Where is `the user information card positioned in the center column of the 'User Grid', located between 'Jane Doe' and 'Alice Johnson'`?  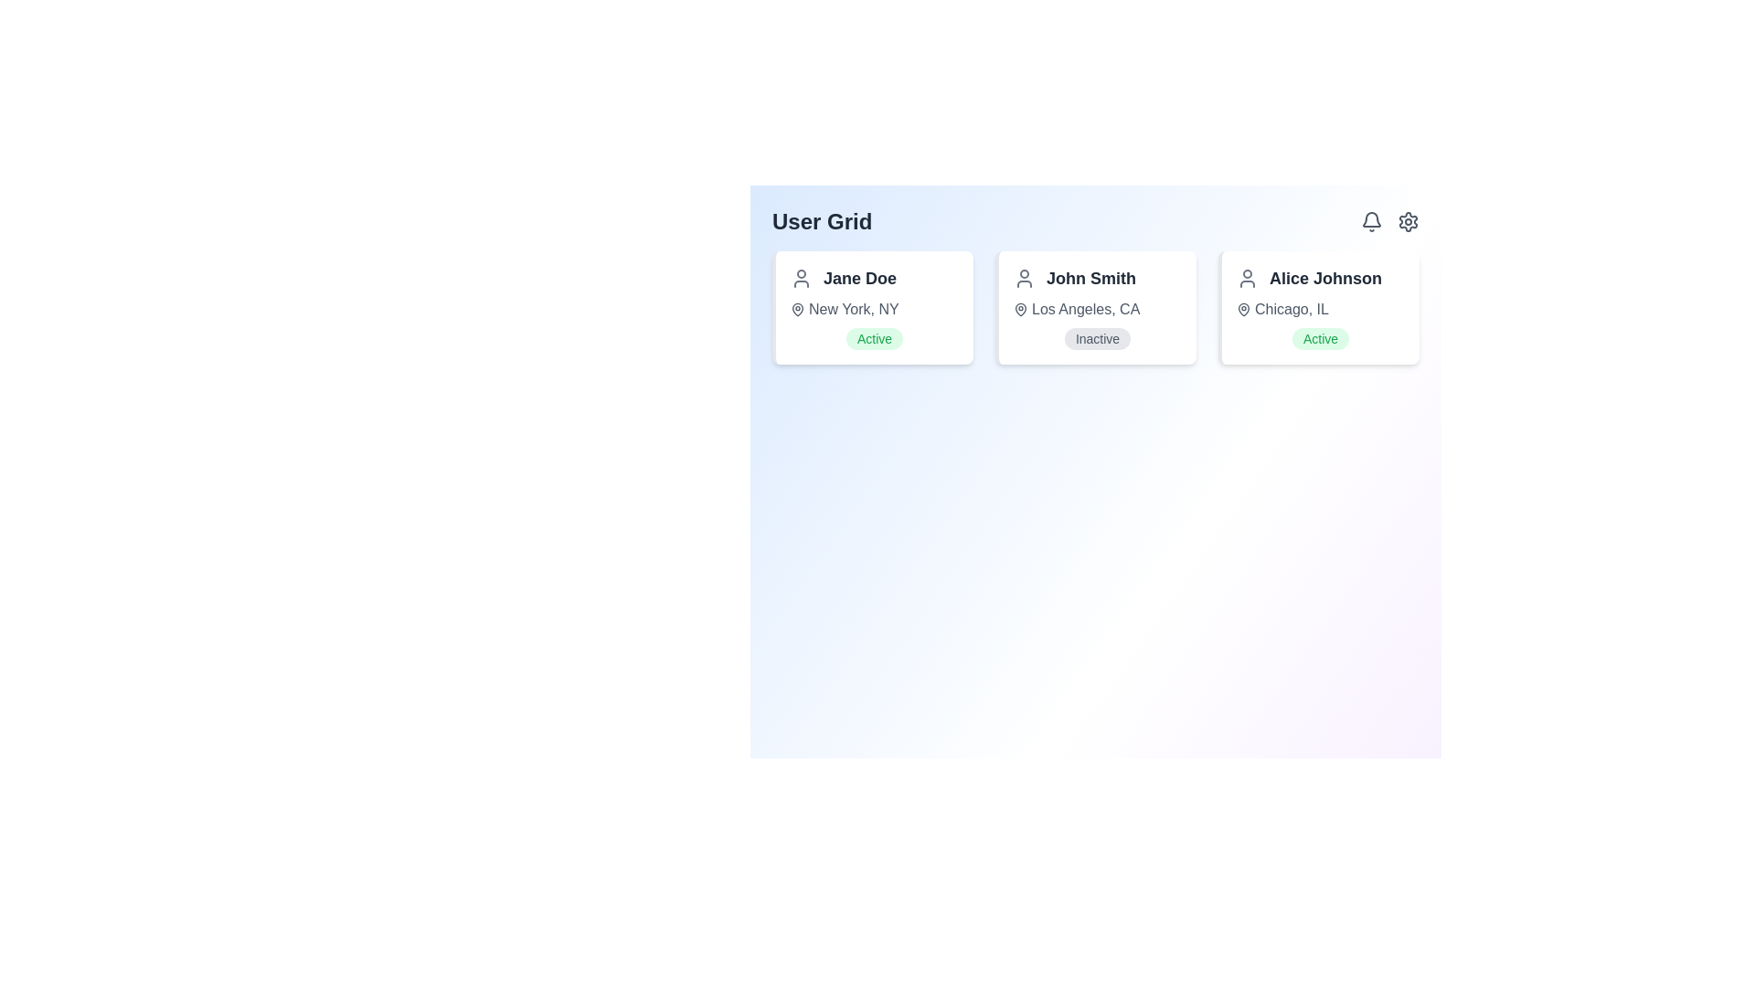 the user information card positioned in the center column of the 'User Grid', located between 'Jane Doe' and 'Alice Johnson' is located at coordinates (1096, 306).